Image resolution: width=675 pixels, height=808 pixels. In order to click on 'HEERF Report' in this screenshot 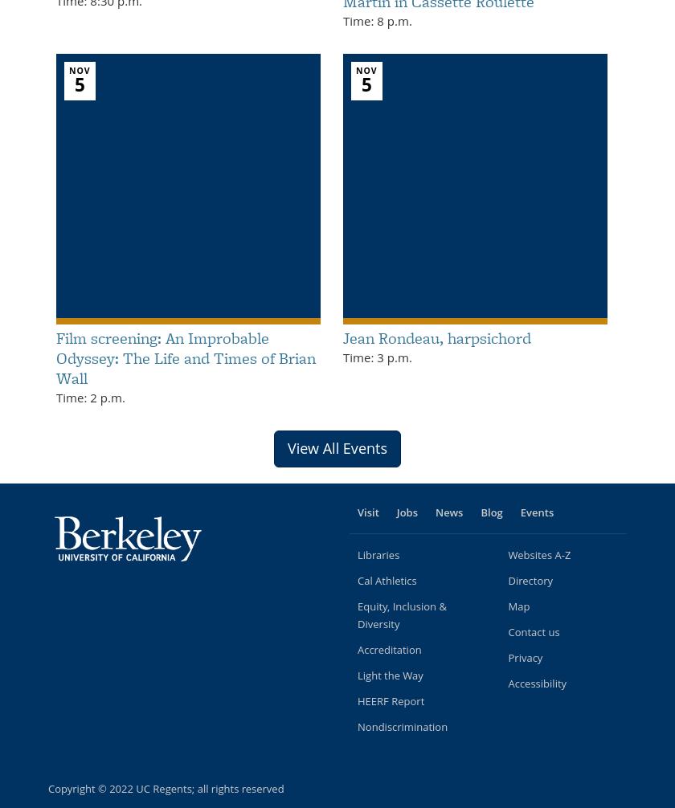, I will do `click(391, 700)`.